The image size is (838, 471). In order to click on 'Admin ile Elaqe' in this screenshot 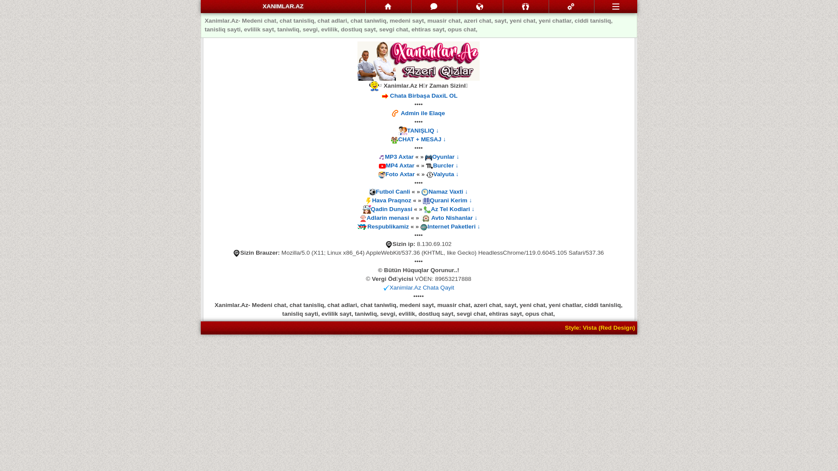, I will do `click(400, 113)`.